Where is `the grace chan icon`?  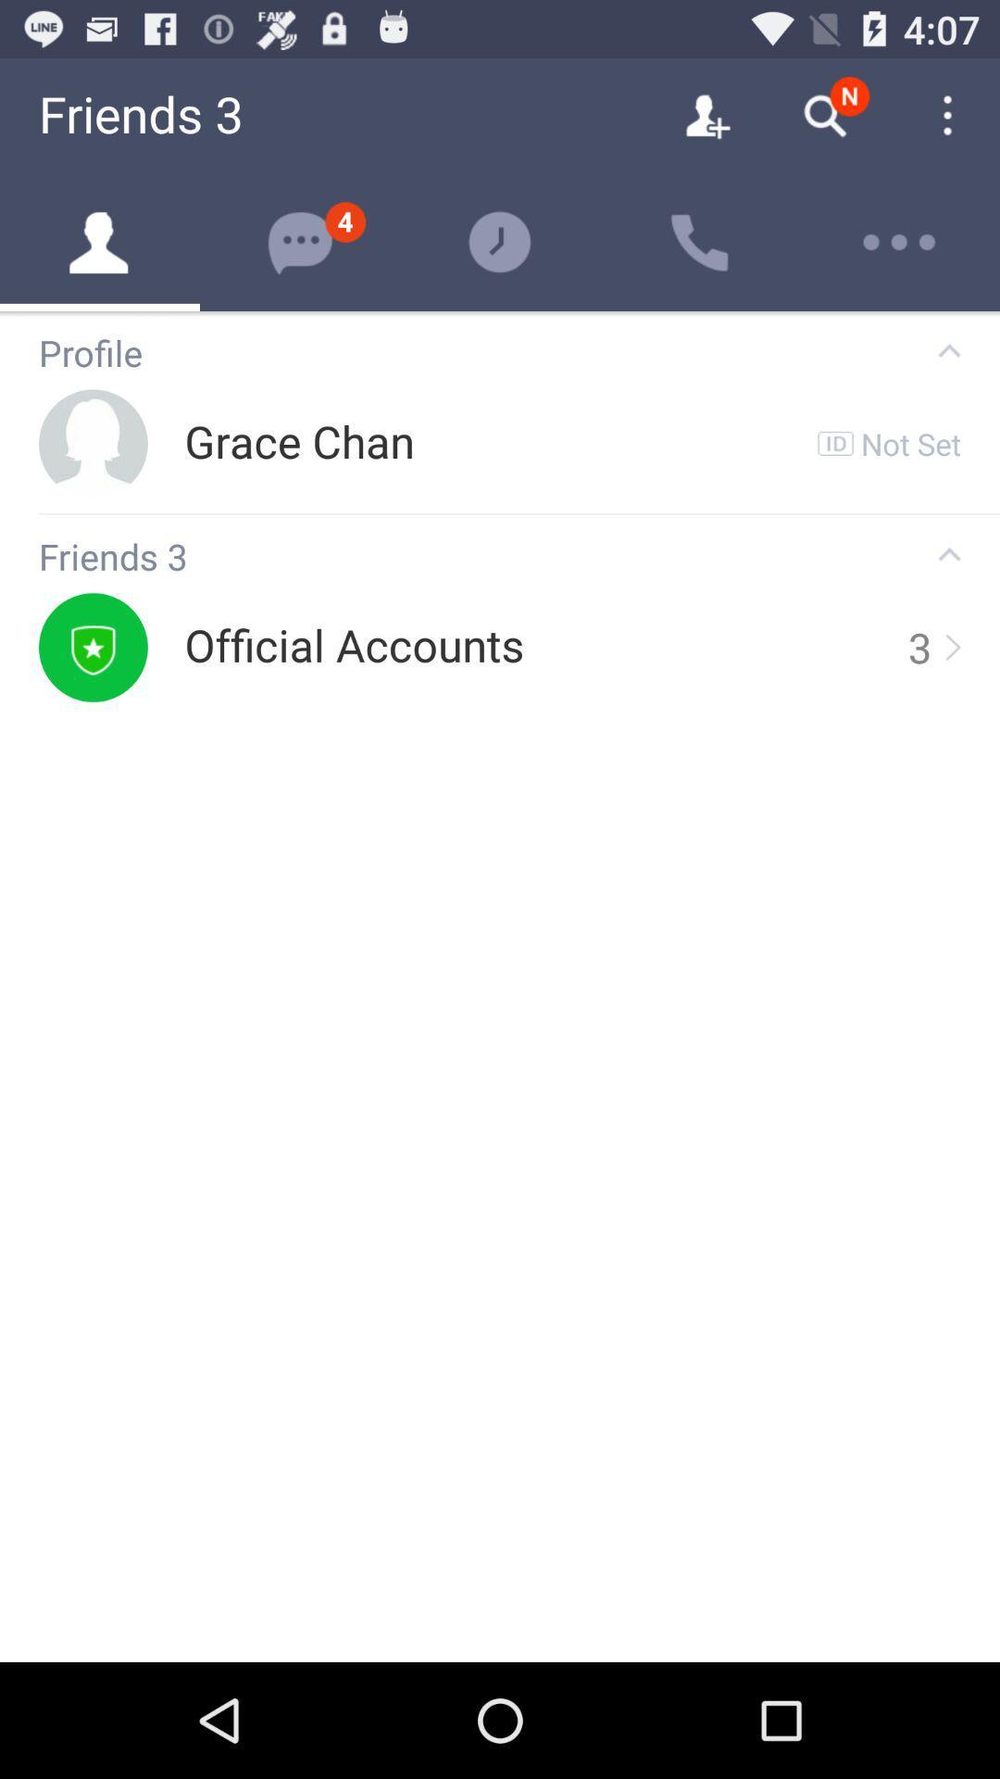
the grace chan icon is located at coordinates (298, 442).